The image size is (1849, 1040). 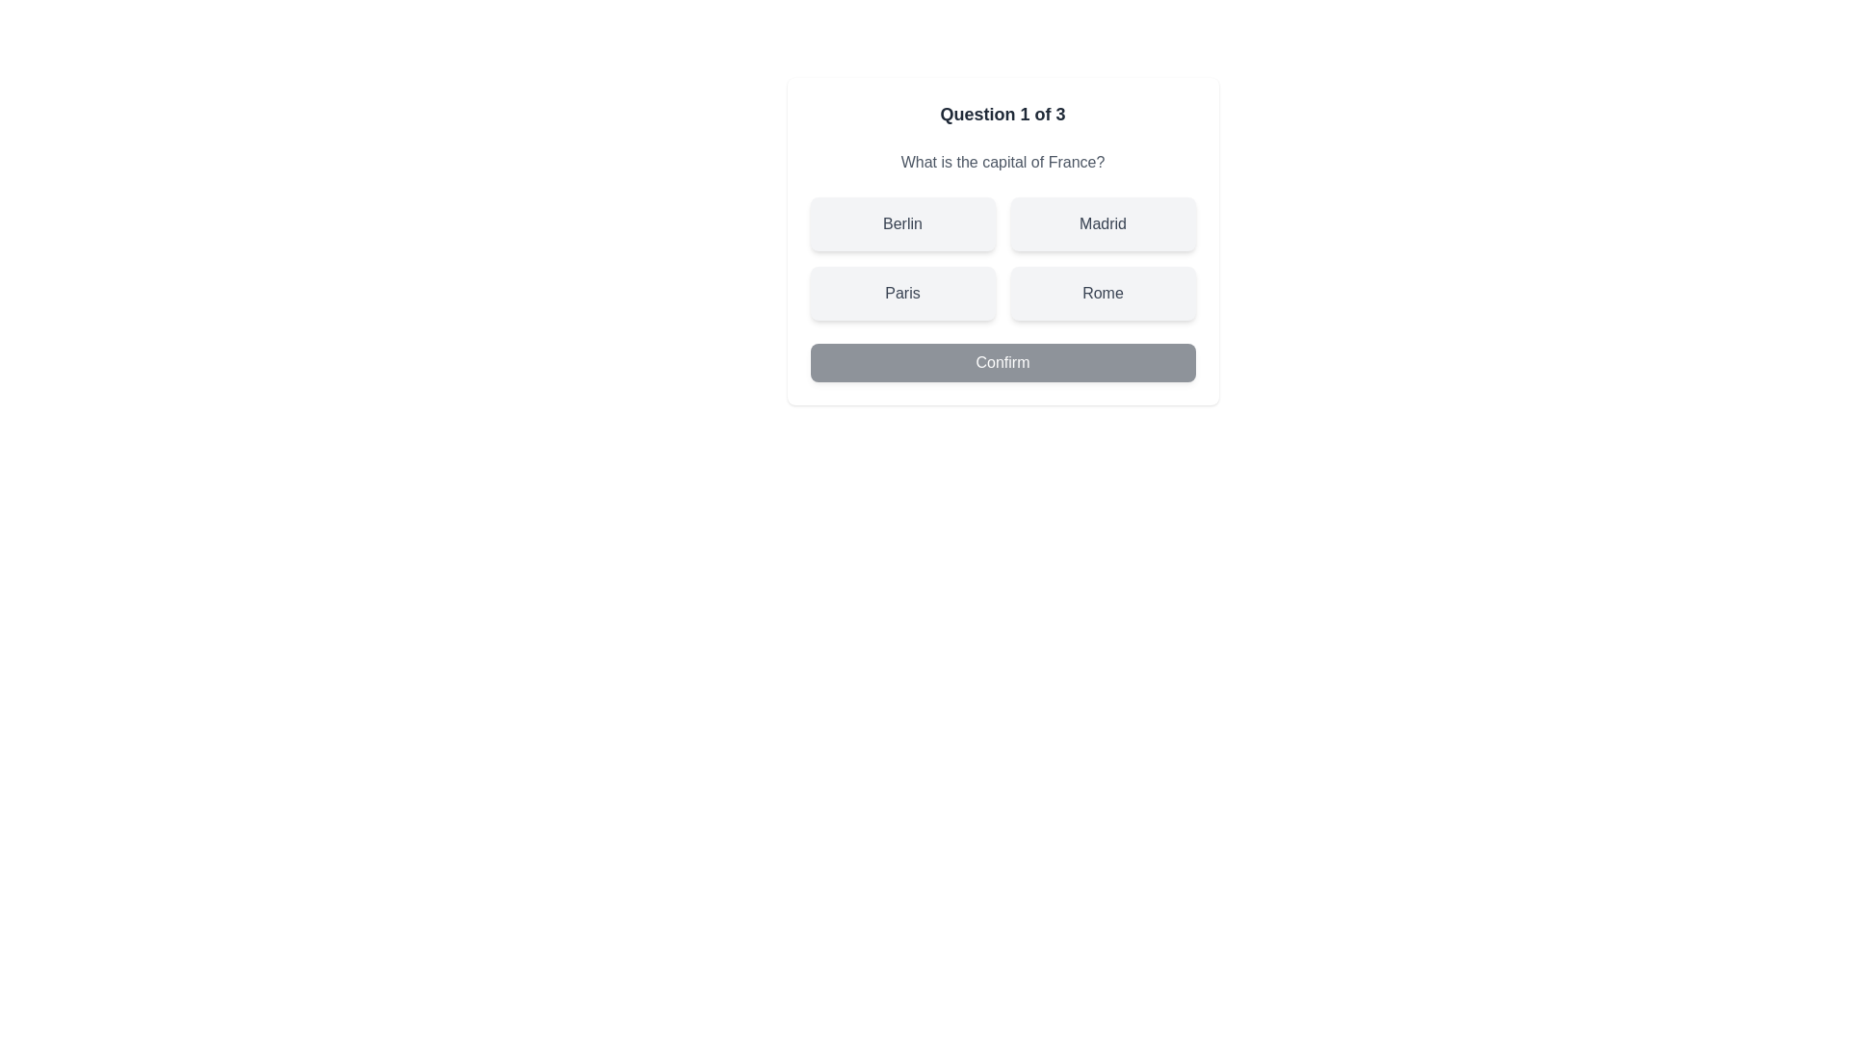 I want to click on the question text to read it, so click(x=1002, y=162).